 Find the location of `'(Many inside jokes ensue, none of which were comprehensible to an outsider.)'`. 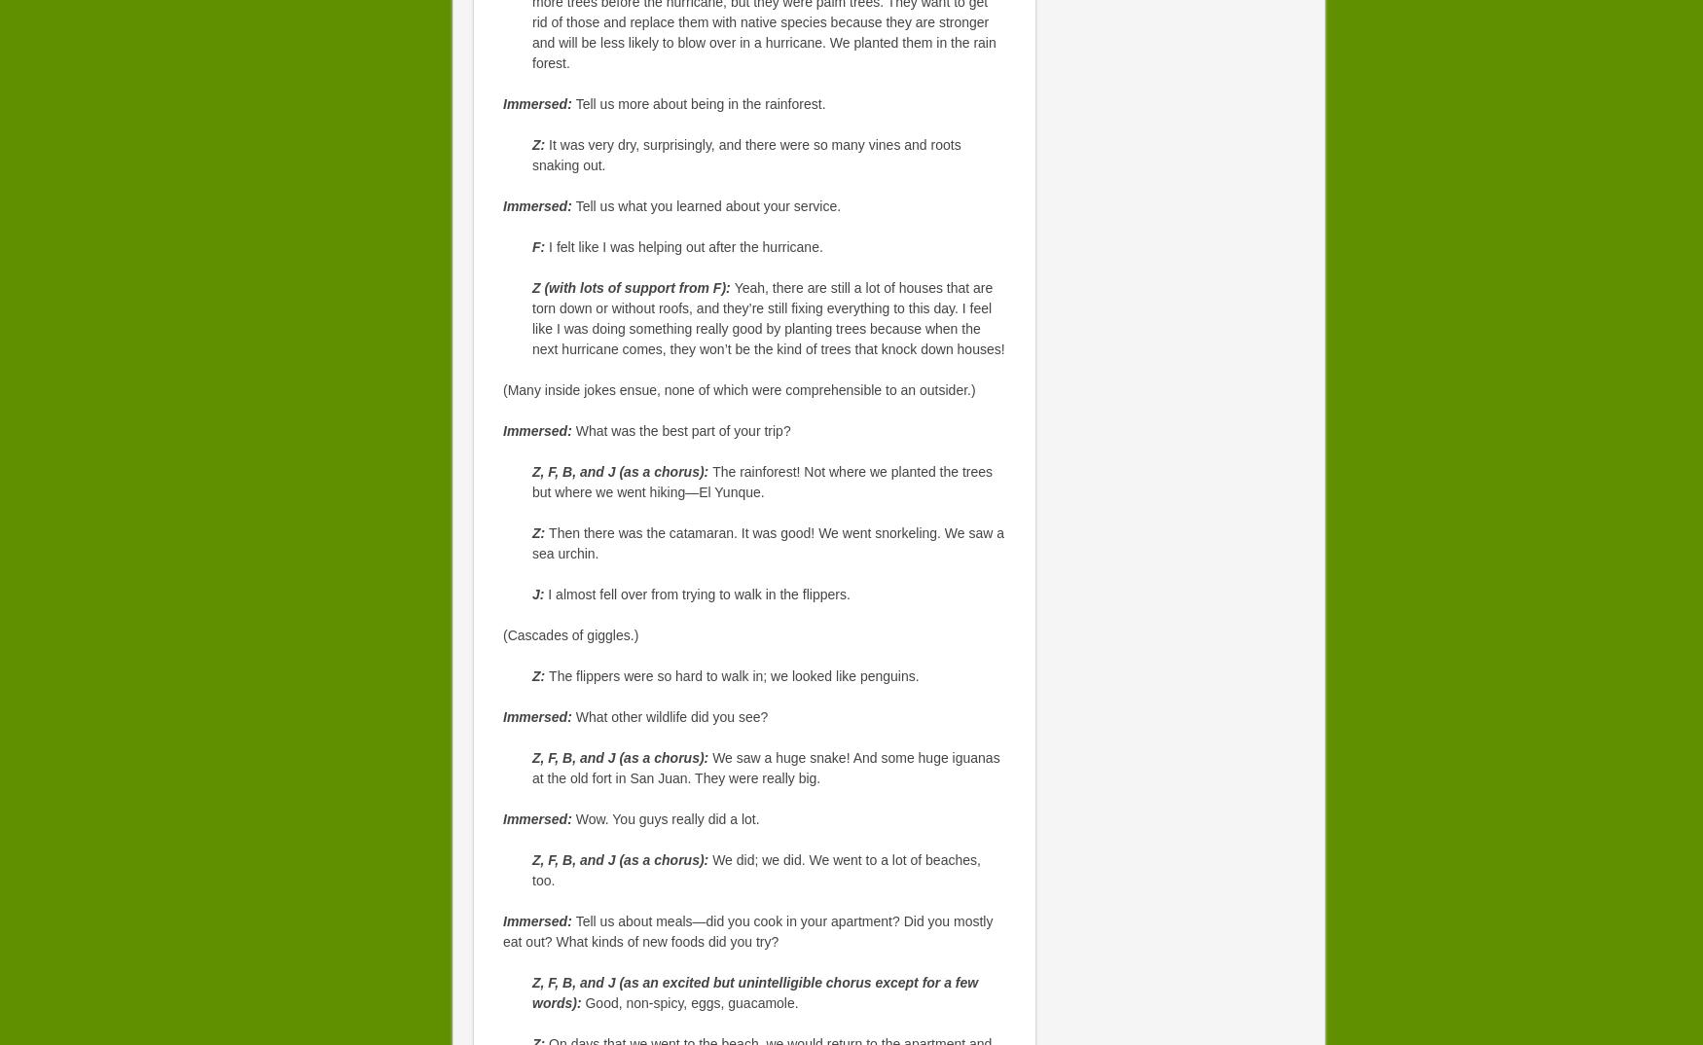

'(Many inside jokes ensue, none of which were comprehensible to an outsider.)' is located at coordinates (738, 390).